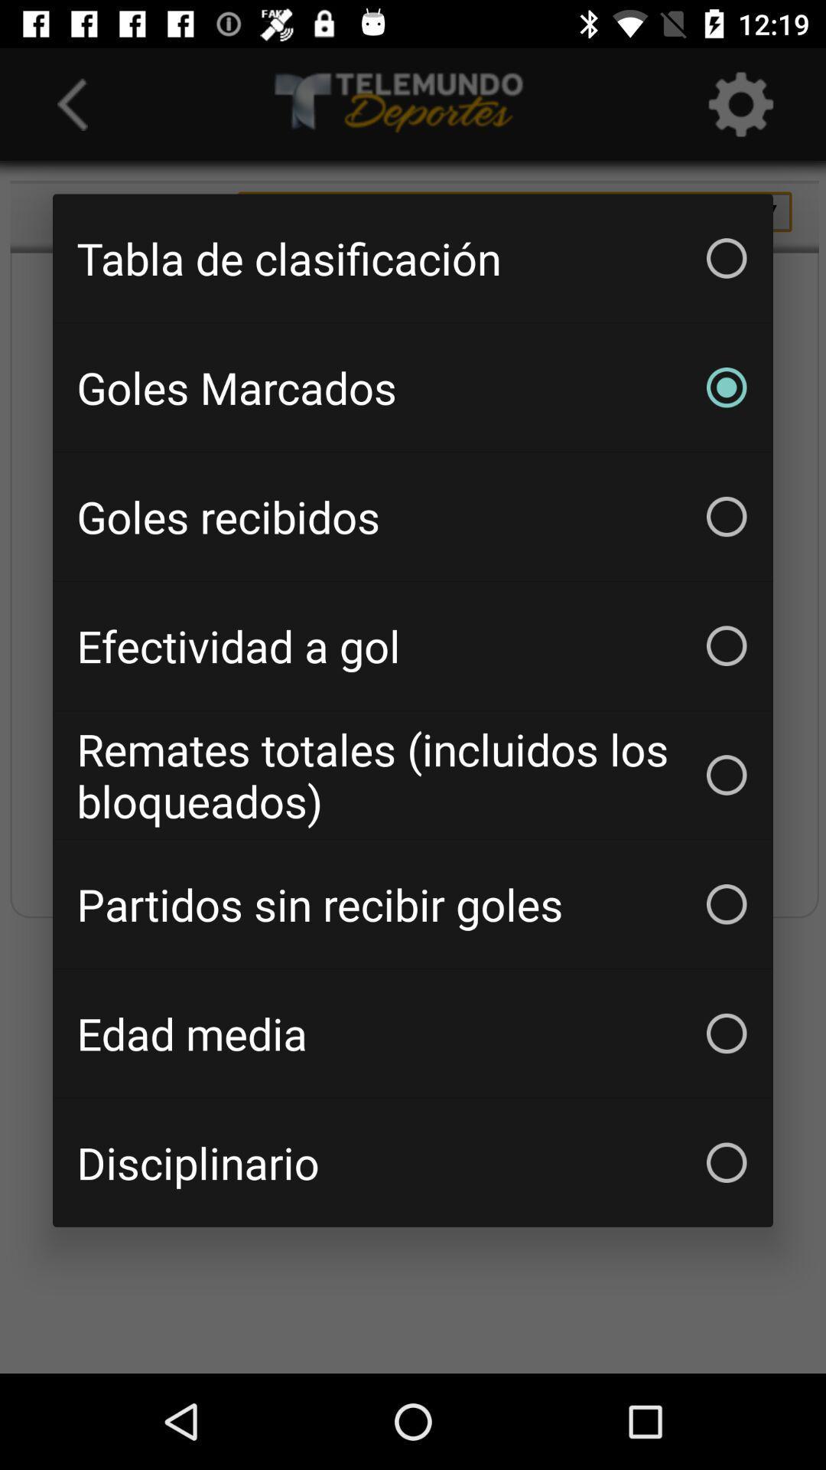  What do you see at coordinates (413, 258) in the screenshot?
I see `the icon above goles marcados` at bounding box center [413, 258].